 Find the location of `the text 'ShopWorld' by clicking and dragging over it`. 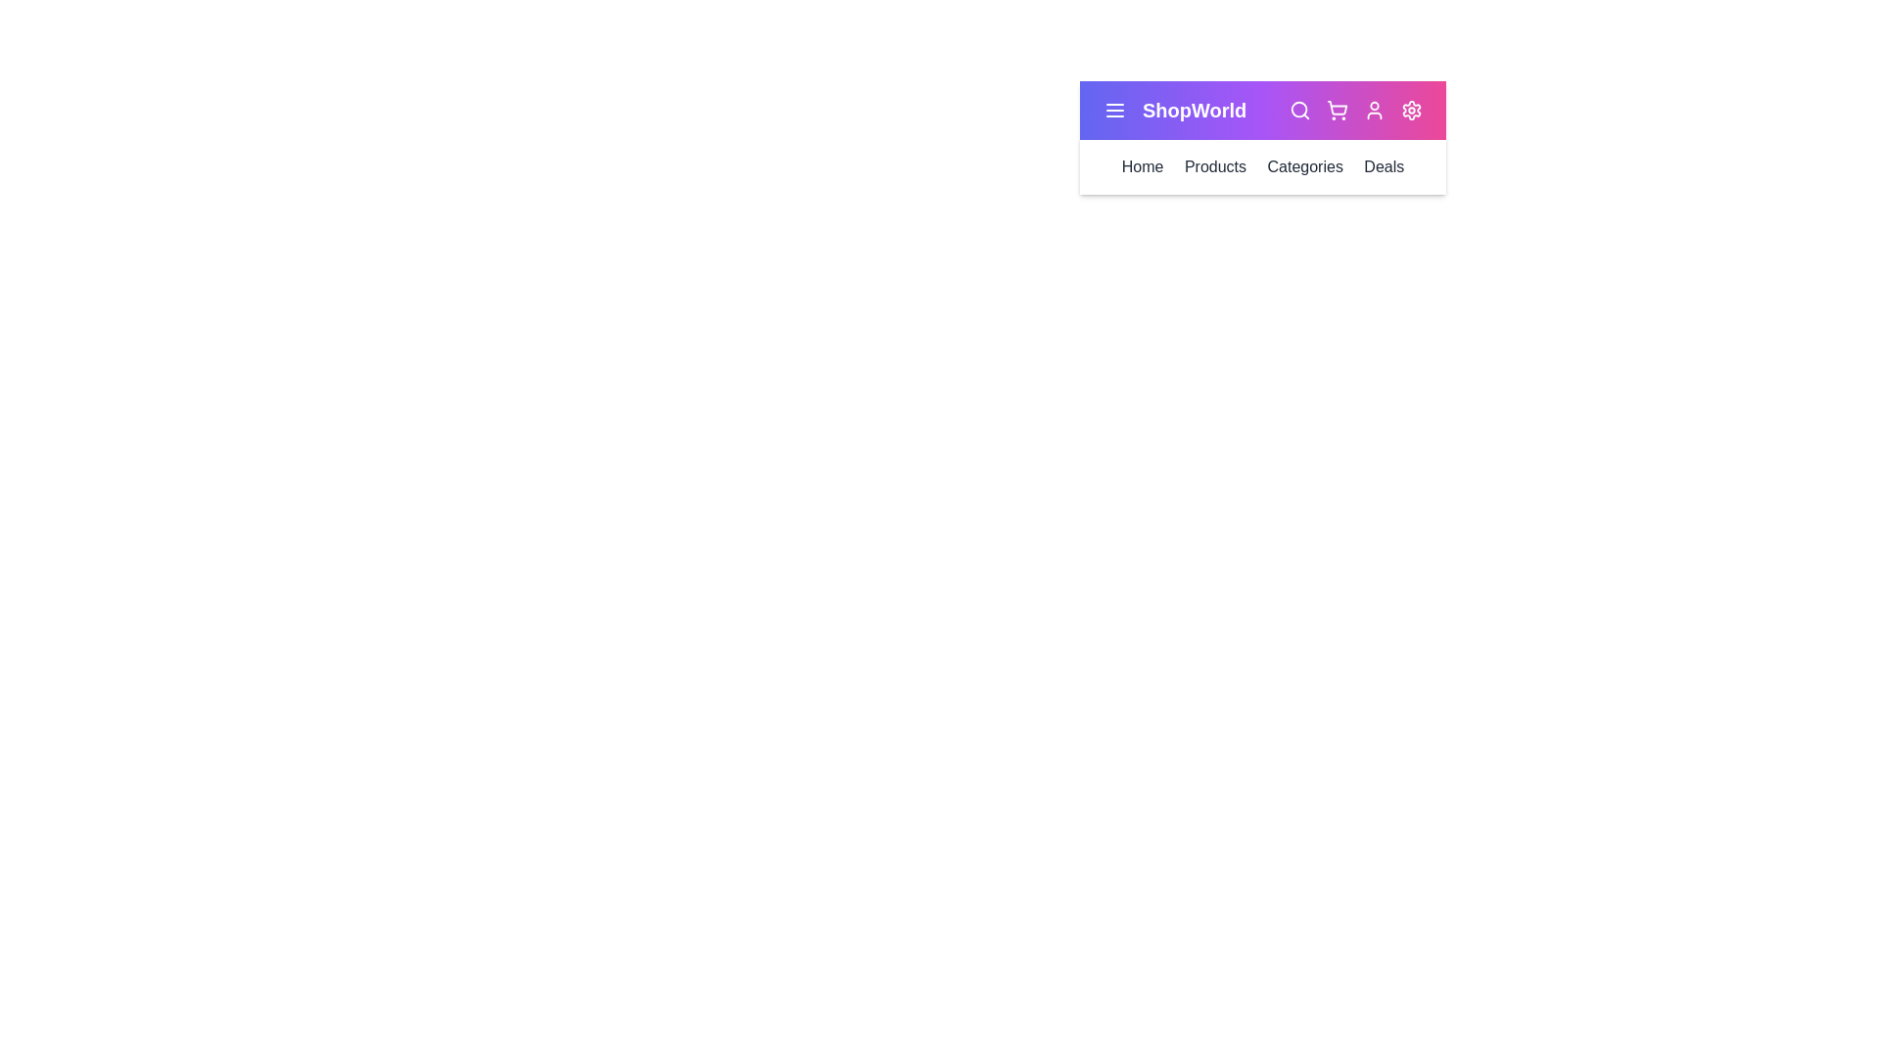

the text 'ShopWorld' by clicking and dragging over it is located at coordinates (1142, 97).